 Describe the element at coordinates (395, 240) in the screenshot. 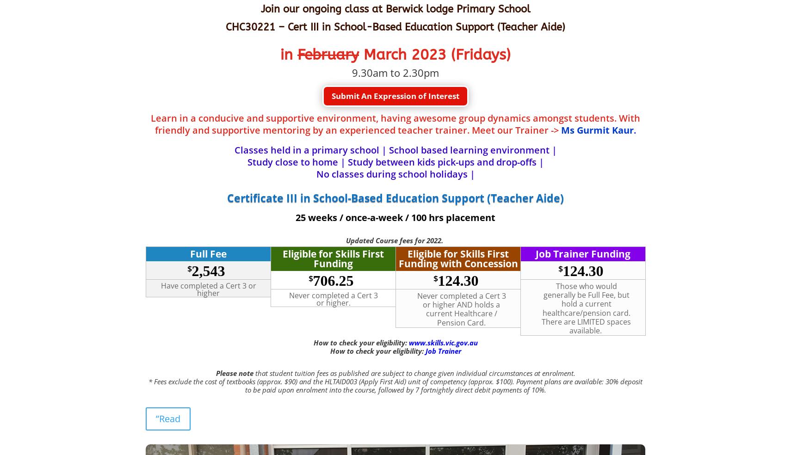

I see `'Updated Course fees for 2022.'` at that location.